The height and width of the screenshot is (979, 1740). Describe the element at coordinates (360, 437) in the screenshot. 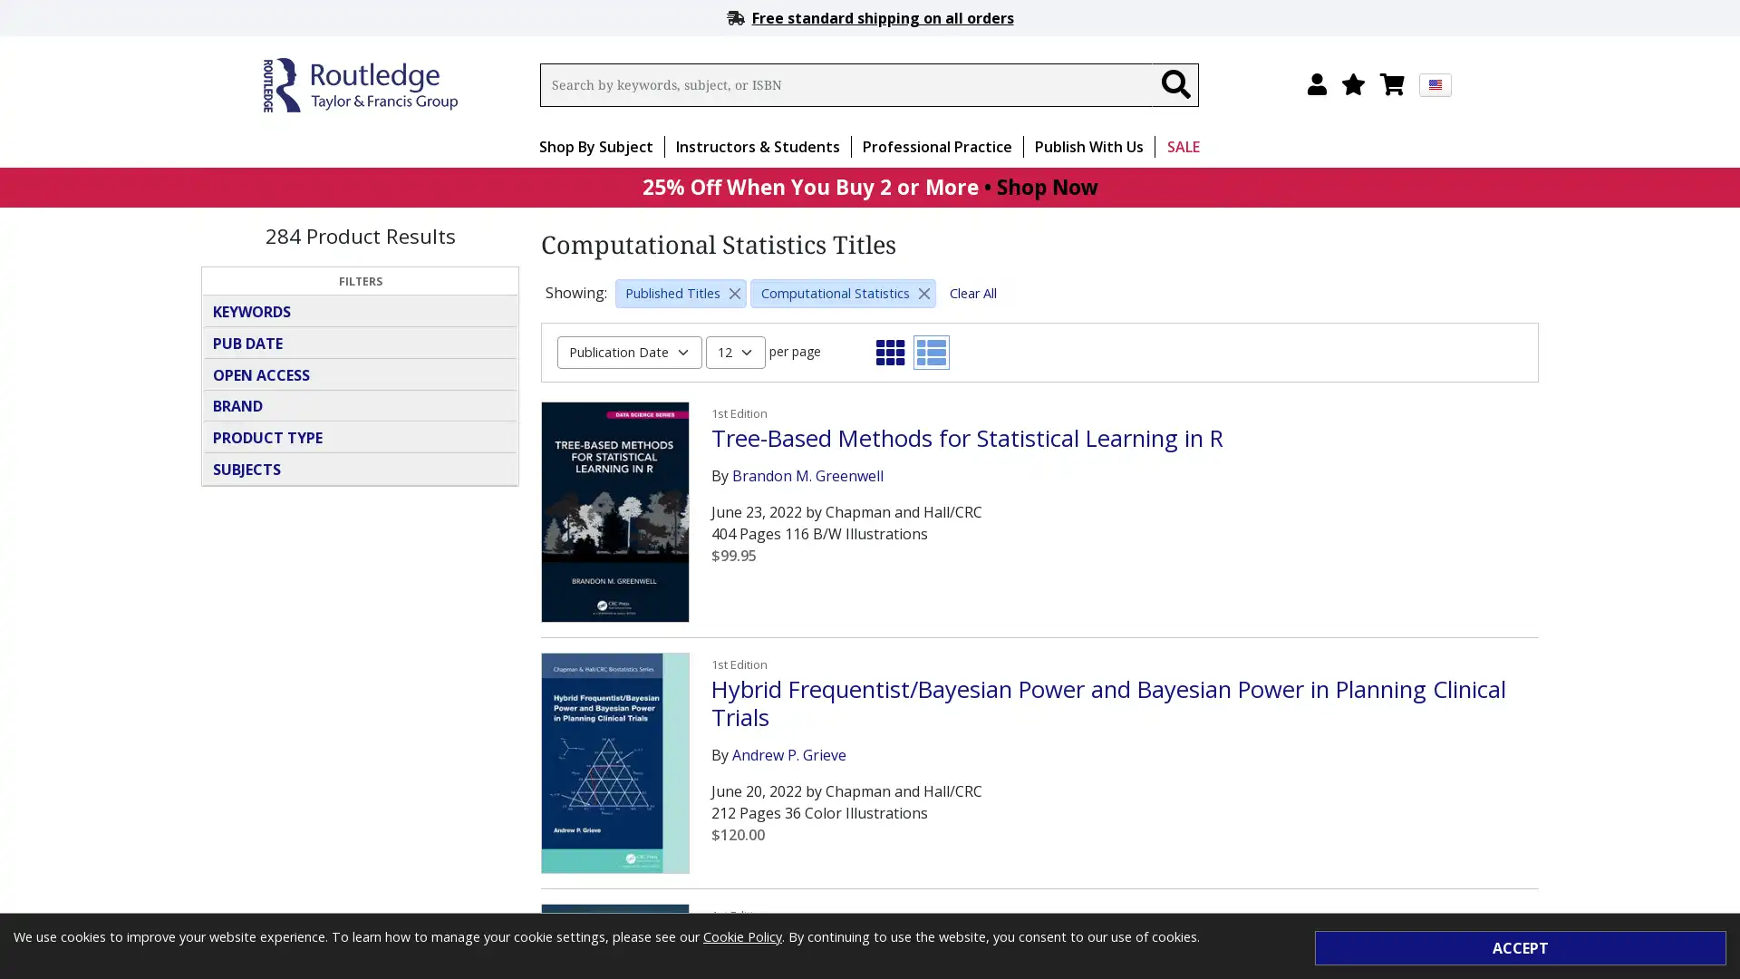

I see `PRODUCT TYPE` at that location.